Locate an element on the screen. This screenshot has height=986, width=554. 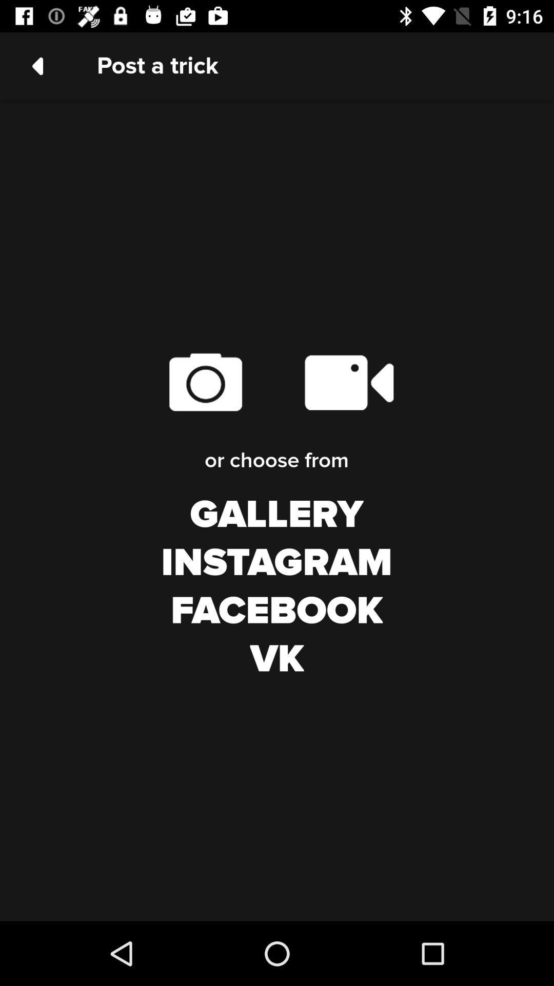
video is located at coordinates (348, 382).